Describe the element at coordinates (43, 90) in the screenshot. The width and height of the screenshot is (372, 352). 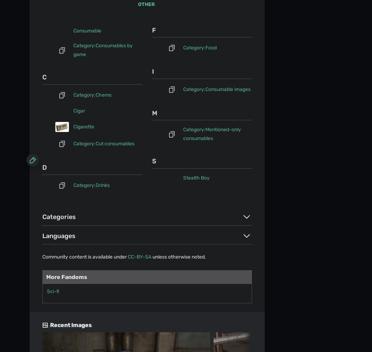
I see `'Community'` at that location.